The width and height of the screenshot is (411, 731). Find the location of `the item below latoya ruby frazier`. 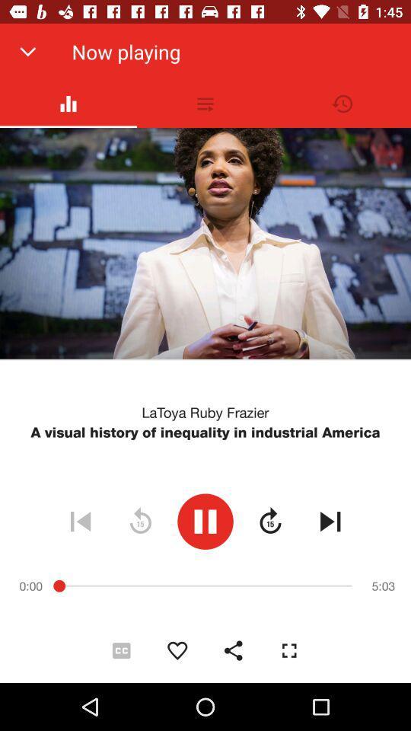

the item below latoya ruby frazier is located at coordinates (205, 433).